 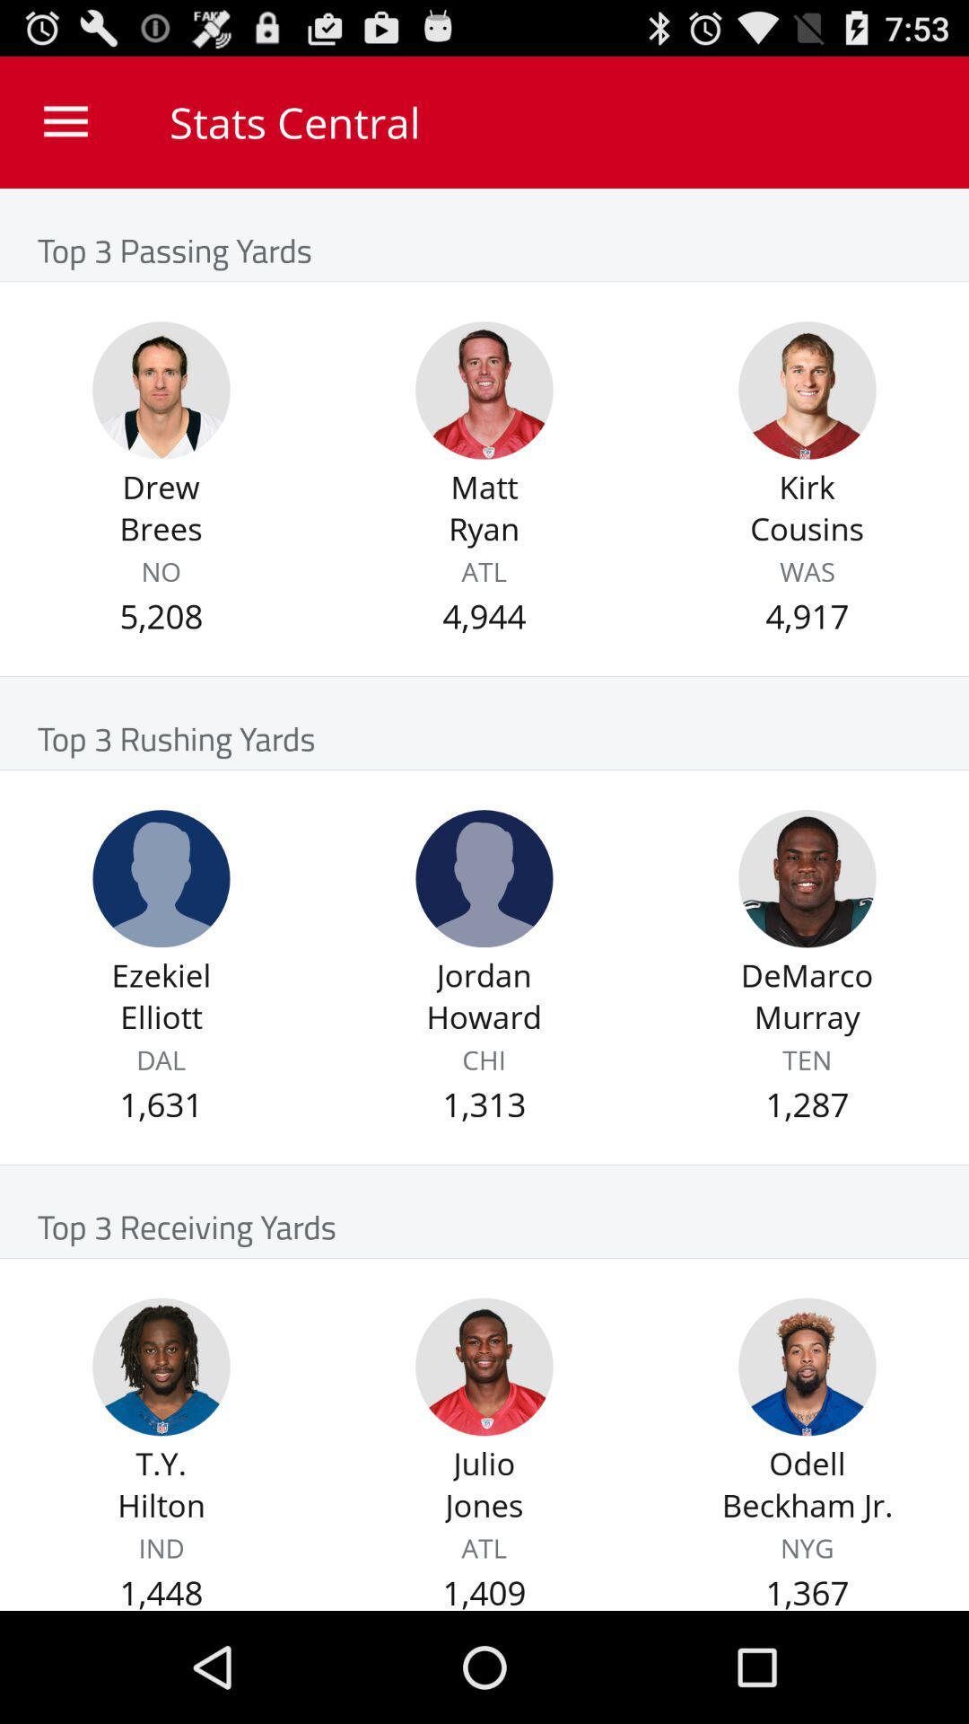 I want to click on the avatar icon, so click(x=161, y=1463).